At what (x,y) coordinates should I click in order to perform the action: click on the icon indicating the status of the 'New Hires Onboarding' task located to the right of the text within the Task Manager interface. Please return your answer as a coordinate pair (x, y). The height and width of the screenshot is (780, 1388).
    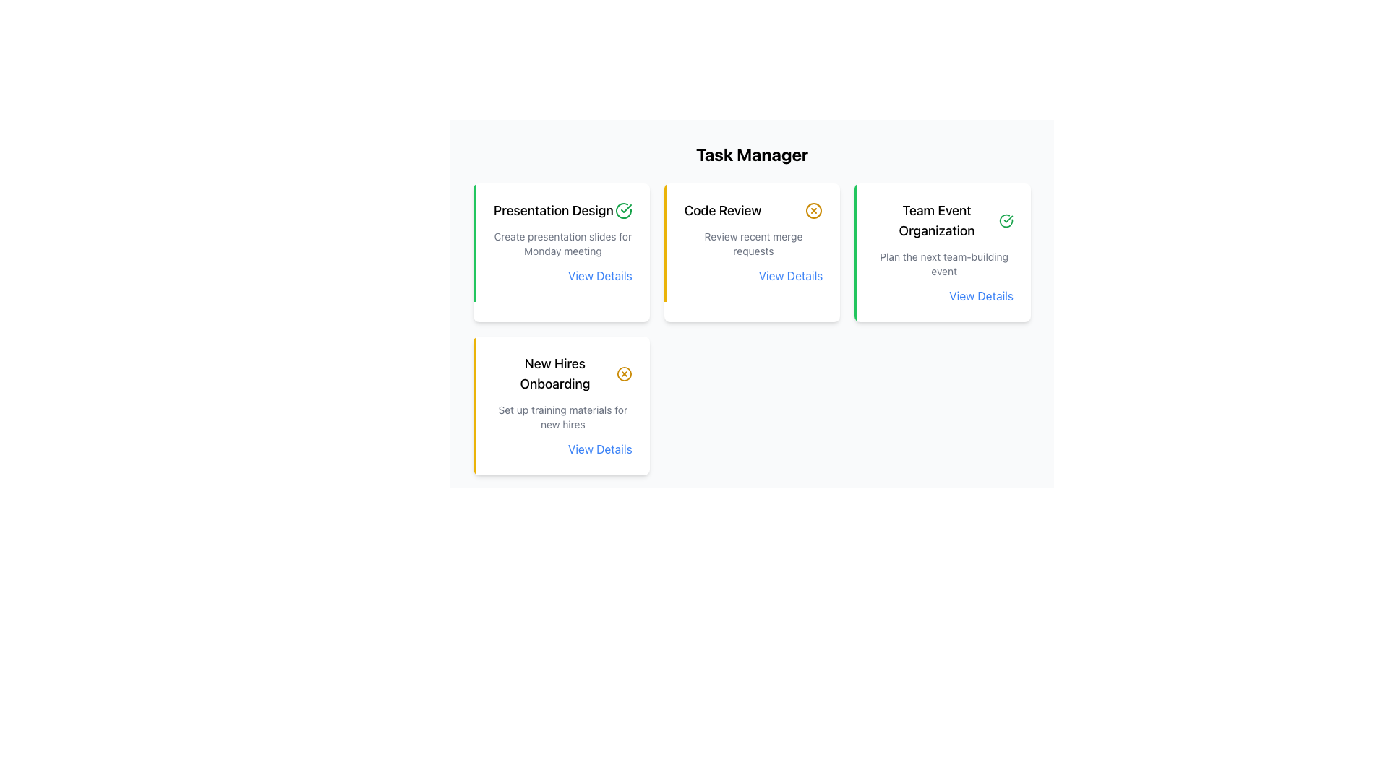
    Looking at the image, I should click on (624, 373).